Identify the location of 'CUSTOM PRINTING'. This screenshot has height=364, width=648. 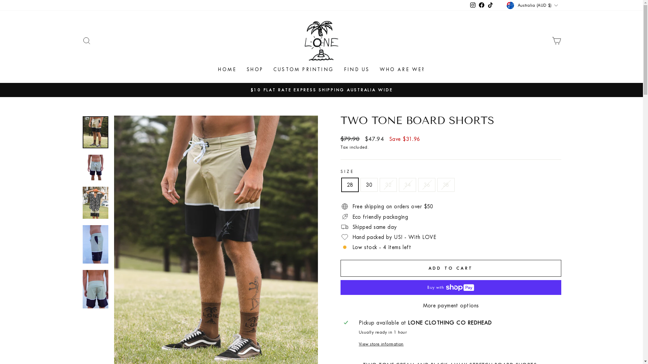
(303, 70).